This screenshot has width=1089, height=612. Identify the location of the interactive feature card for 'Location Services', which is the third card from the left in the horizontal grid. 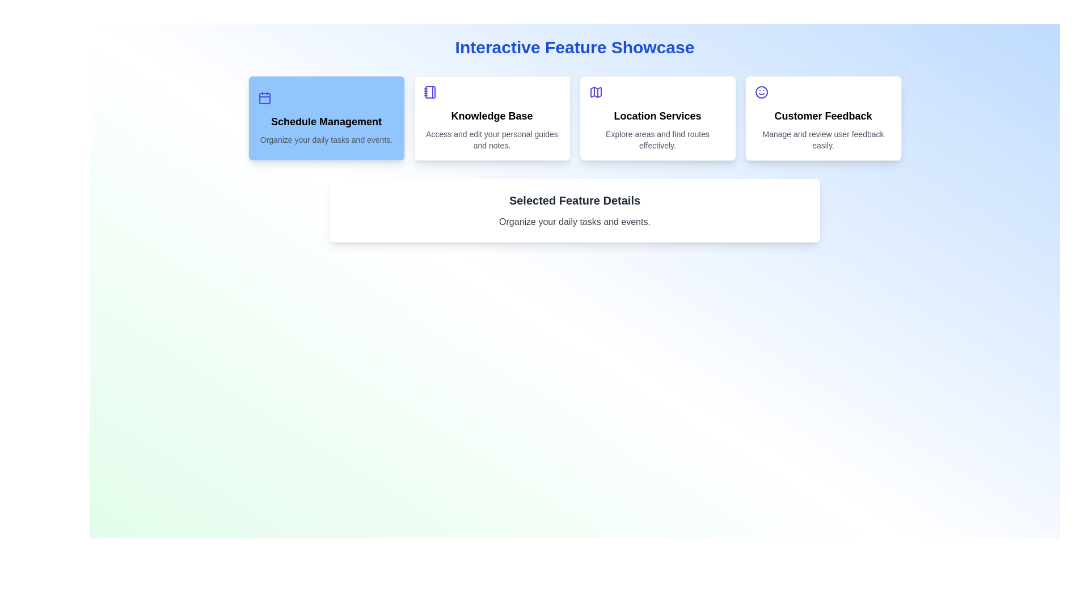
(657, 118).